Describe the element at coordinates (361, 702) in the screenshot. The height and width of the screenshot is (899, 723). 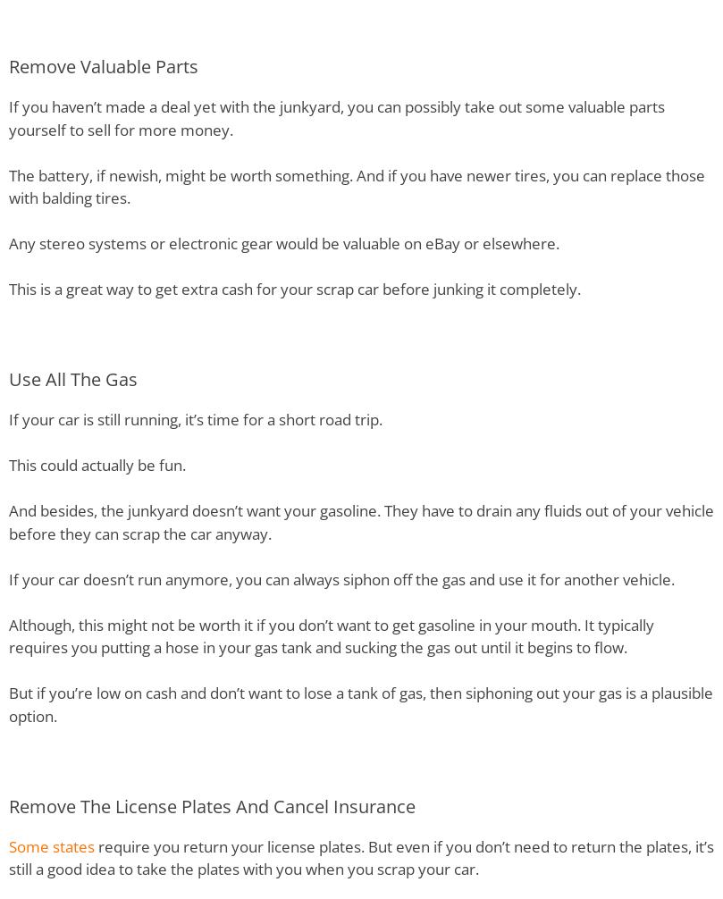
I see `'But if you’re low on cash and don’t want to lose a tank of gas, then siphoning out your gas is a plausible option.'` at that location.